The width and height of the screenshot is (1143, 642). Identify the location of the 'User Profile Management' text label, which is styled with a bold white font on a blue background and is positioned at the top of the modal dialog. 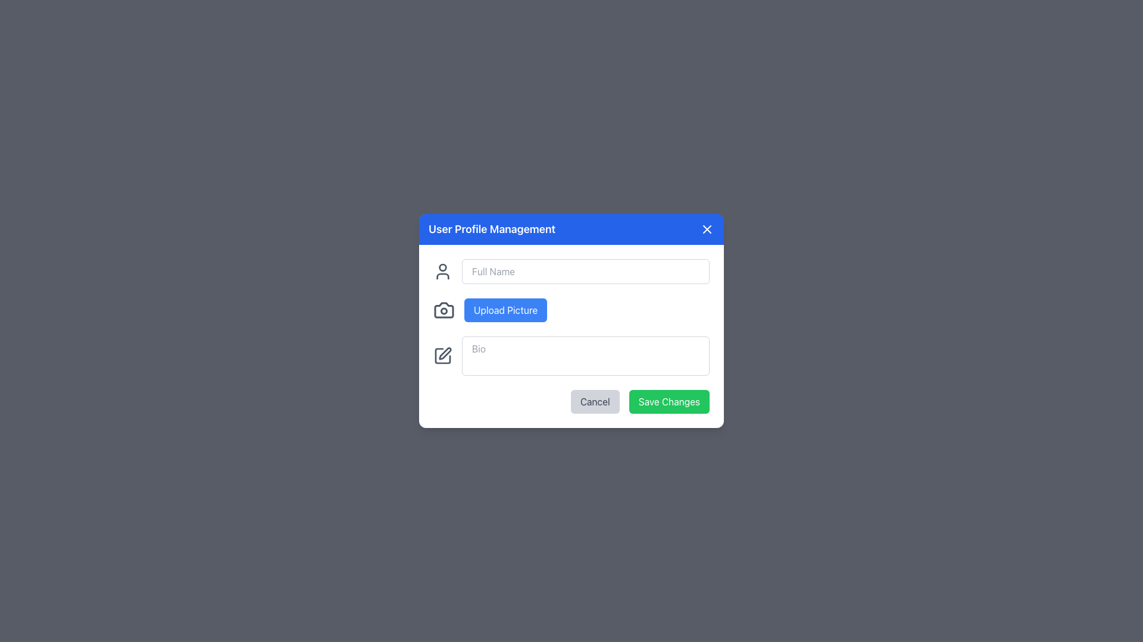
(492, 229).